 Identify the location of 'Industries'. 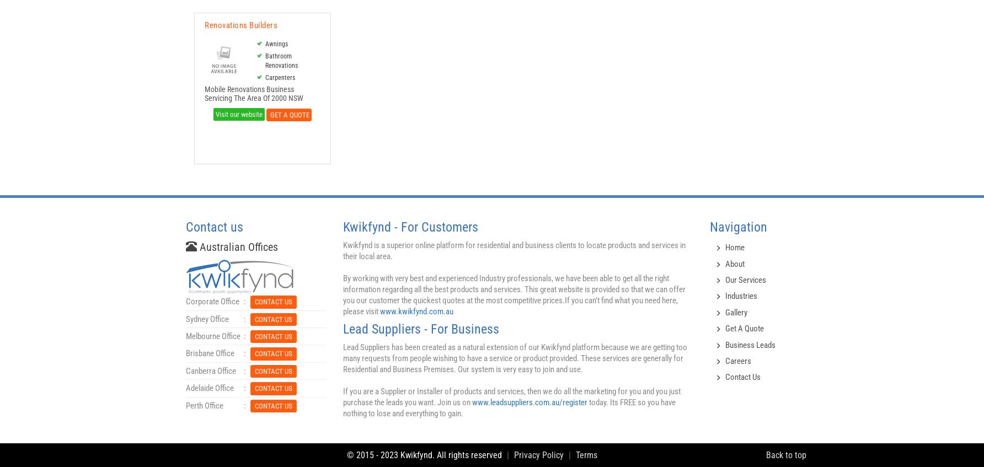
(741, 295).